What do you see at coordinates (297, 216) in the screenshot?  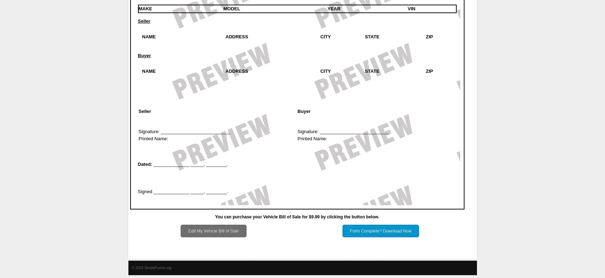 I see `'You can purchase your Vehicle Bill of Sale for $9.99 by clicking the button below.'` at bounding box center [297, 216].